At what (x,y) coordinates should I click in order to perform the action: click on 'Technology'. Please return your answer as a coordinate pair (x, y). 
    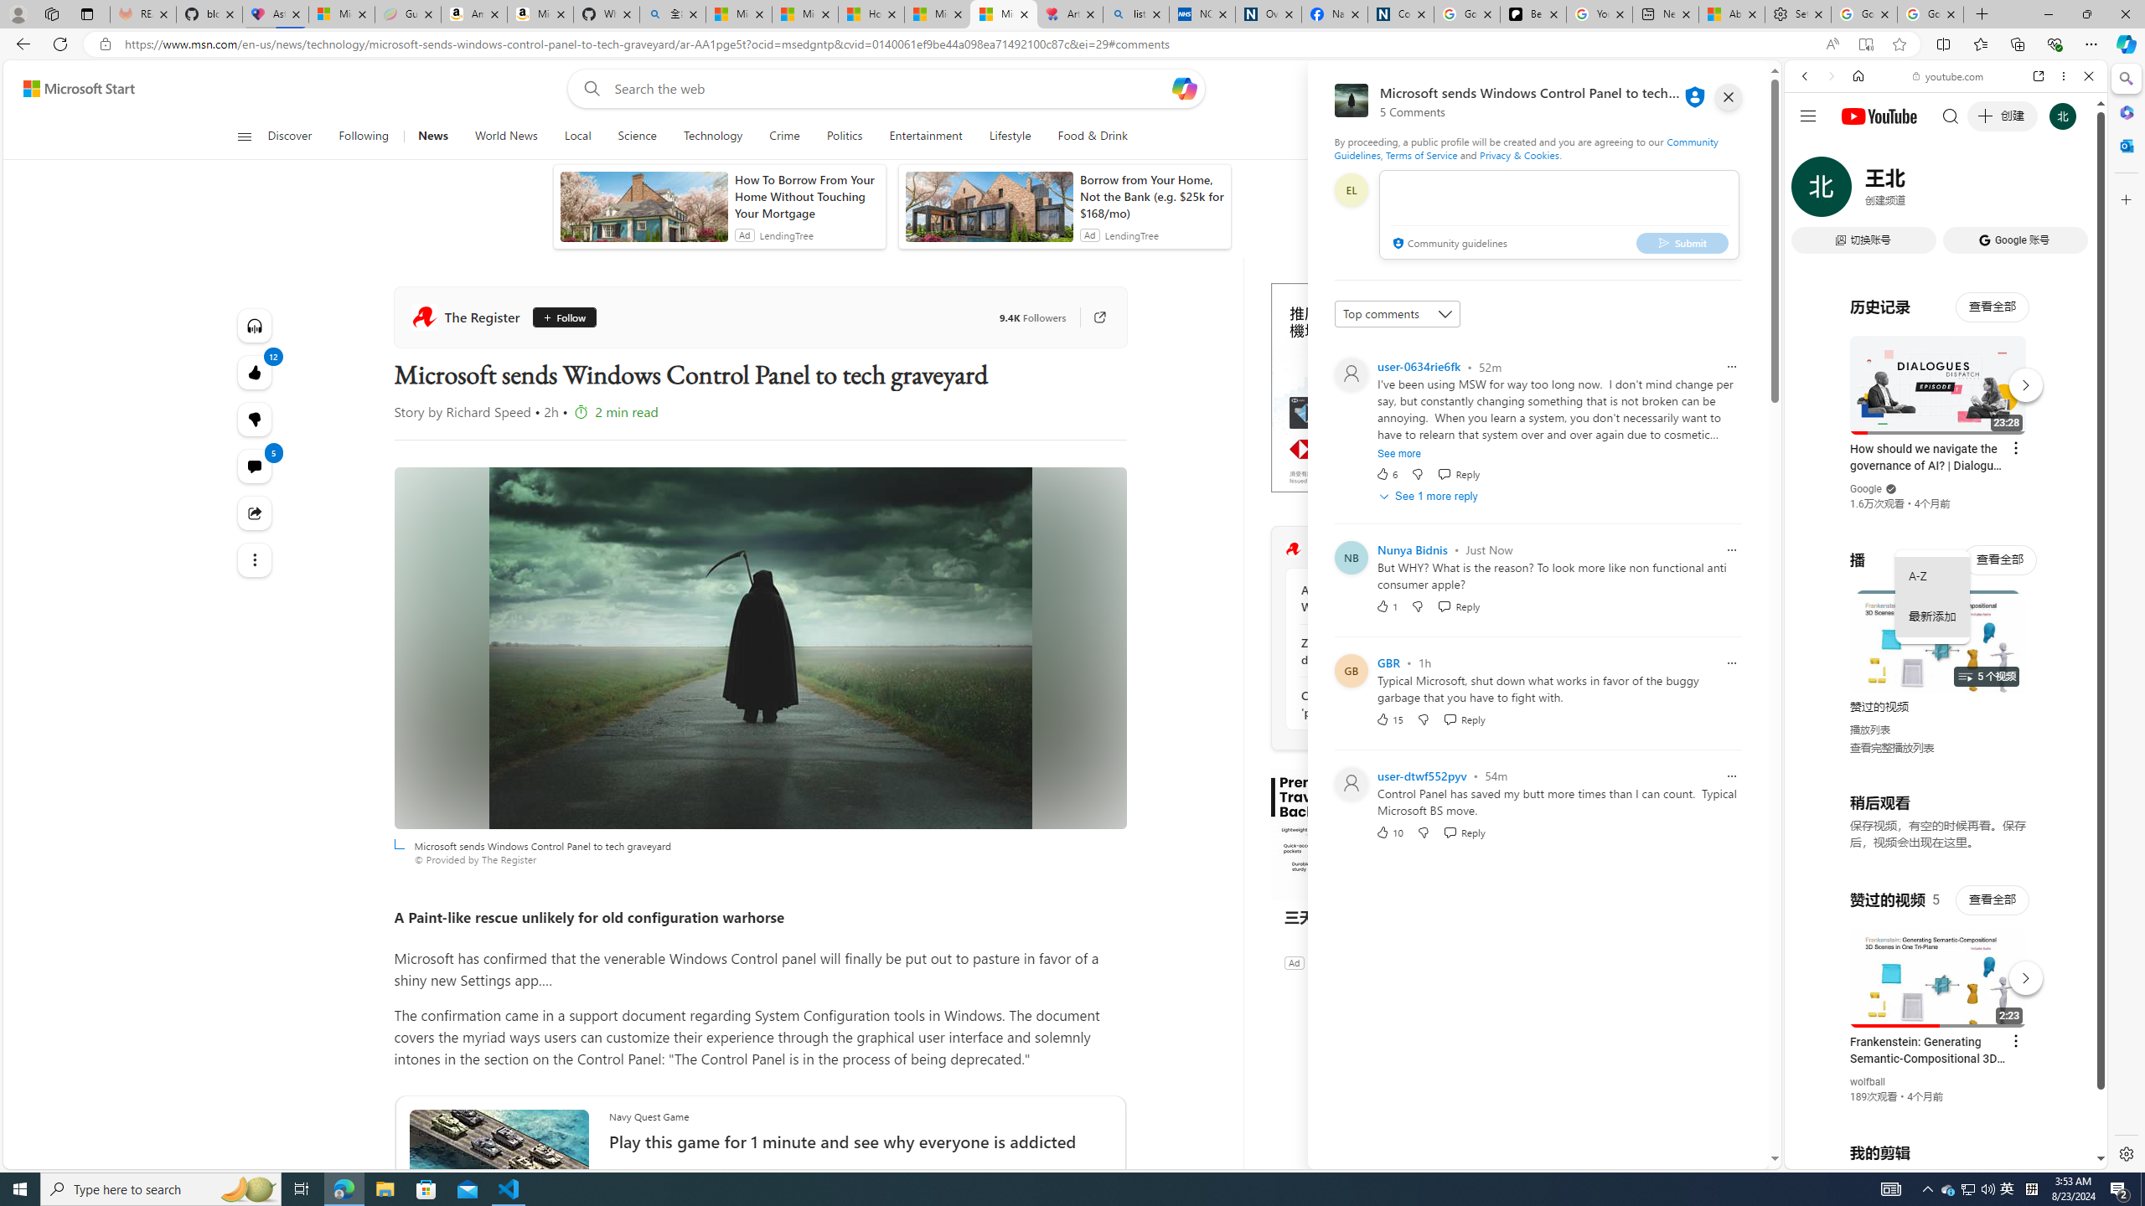
    Looking at the image, I should click on (713, 136).